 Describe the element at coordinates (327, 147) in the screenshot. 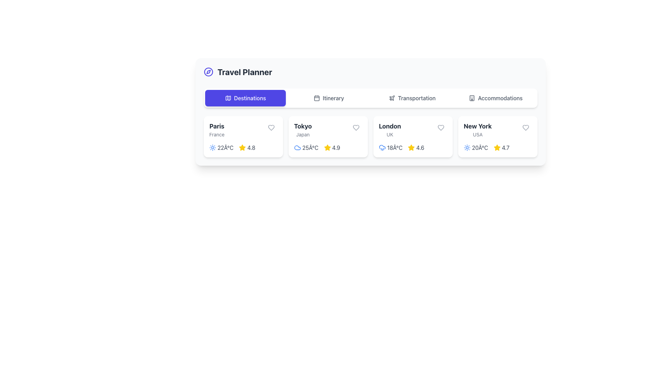

I see `the star icon indicating the rating value of the 'Tokyo, Japan' destination, which is located adjacent to the numeric rating value '4.9.'` at that location.